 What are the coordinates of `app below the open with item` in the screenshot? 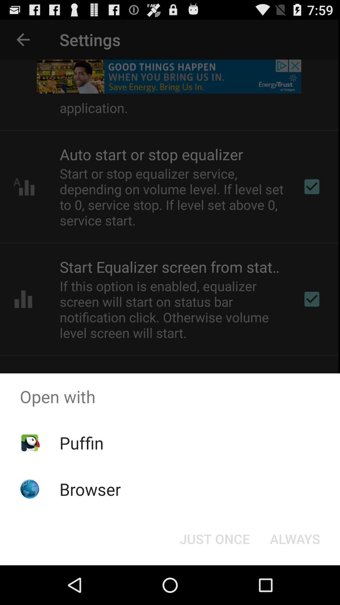 It's located at (81, 442).